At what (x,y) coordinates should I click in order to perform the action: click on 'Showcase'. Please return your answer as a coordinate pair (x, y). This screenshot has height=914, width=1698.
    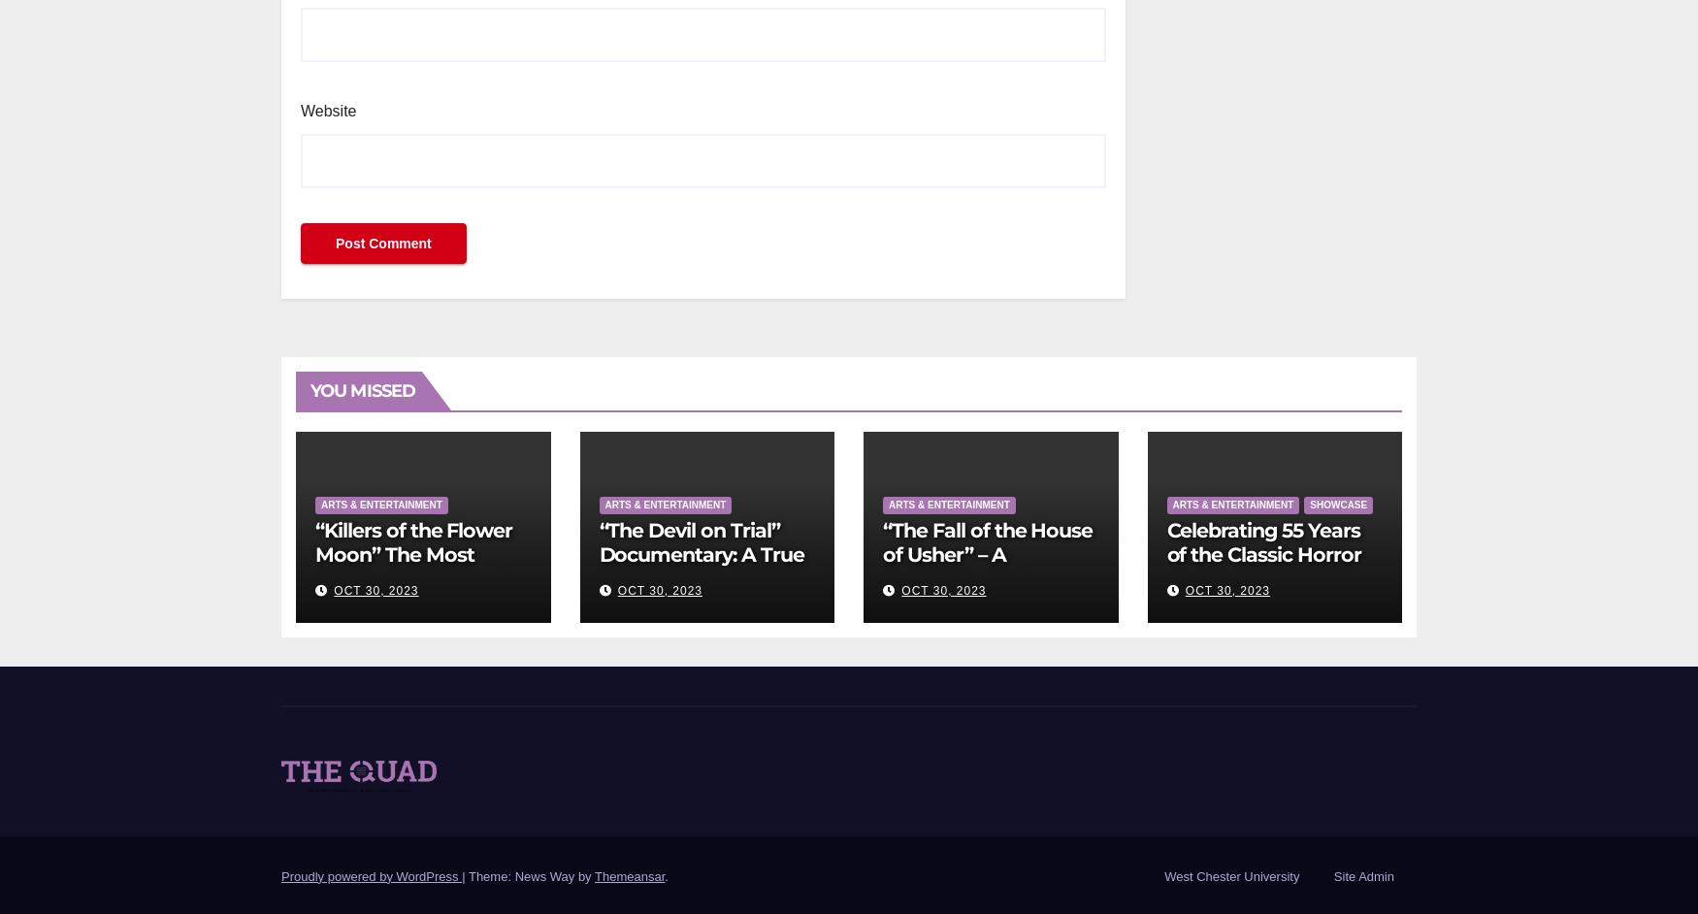
    Looking at the image, I should click on (1309, 503).